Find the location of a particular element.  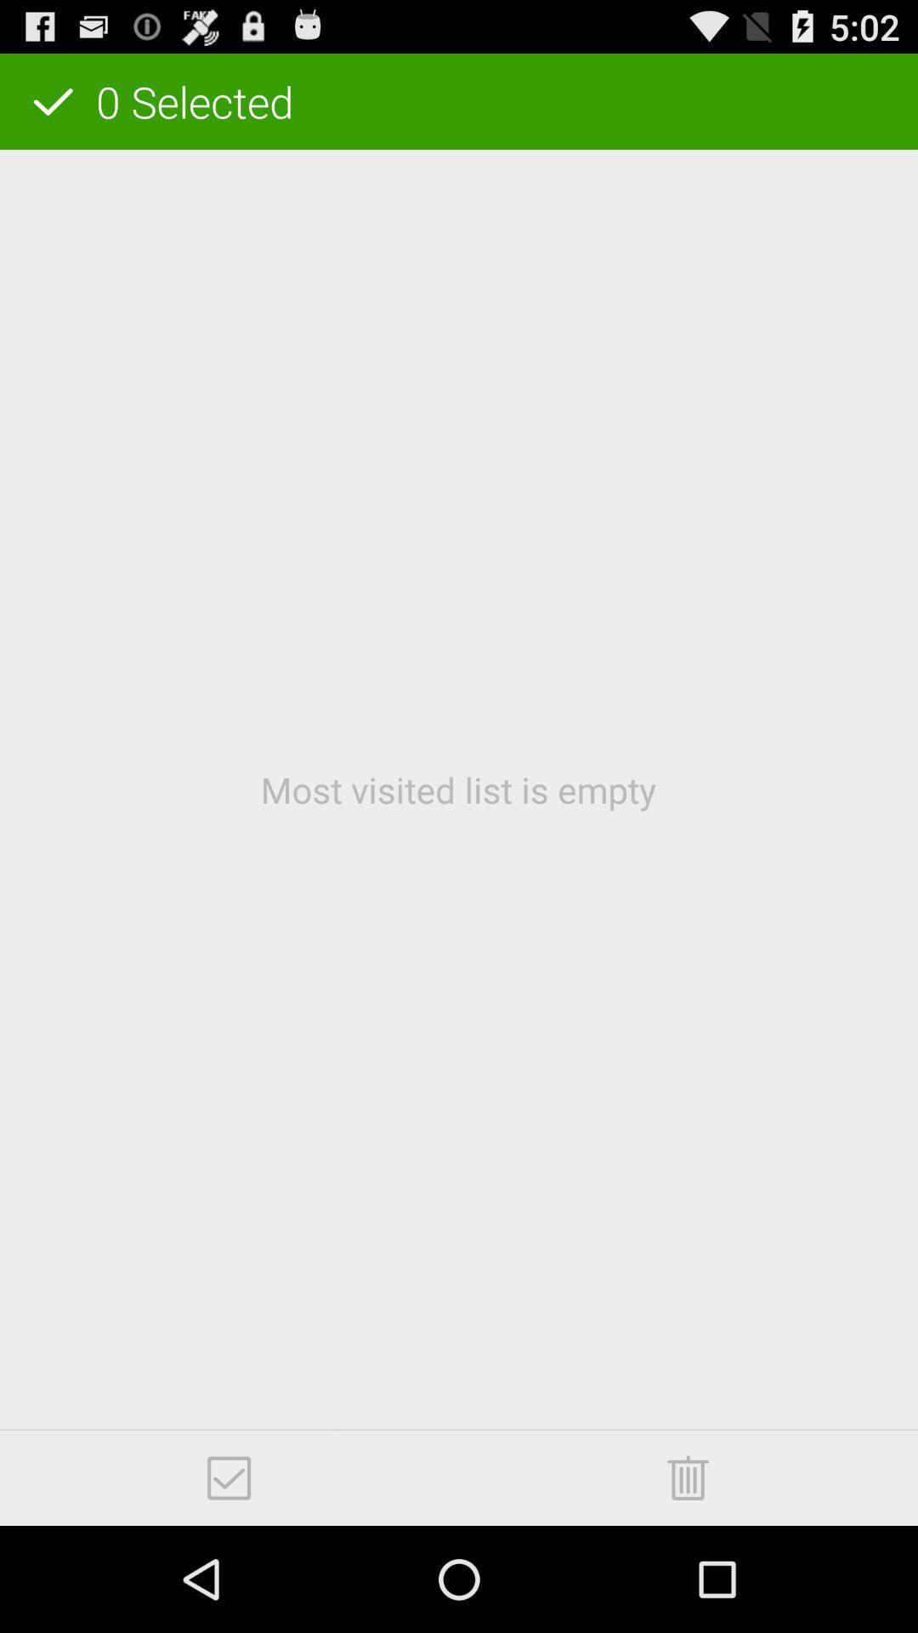

delete is located at coordinates (687, 1477).